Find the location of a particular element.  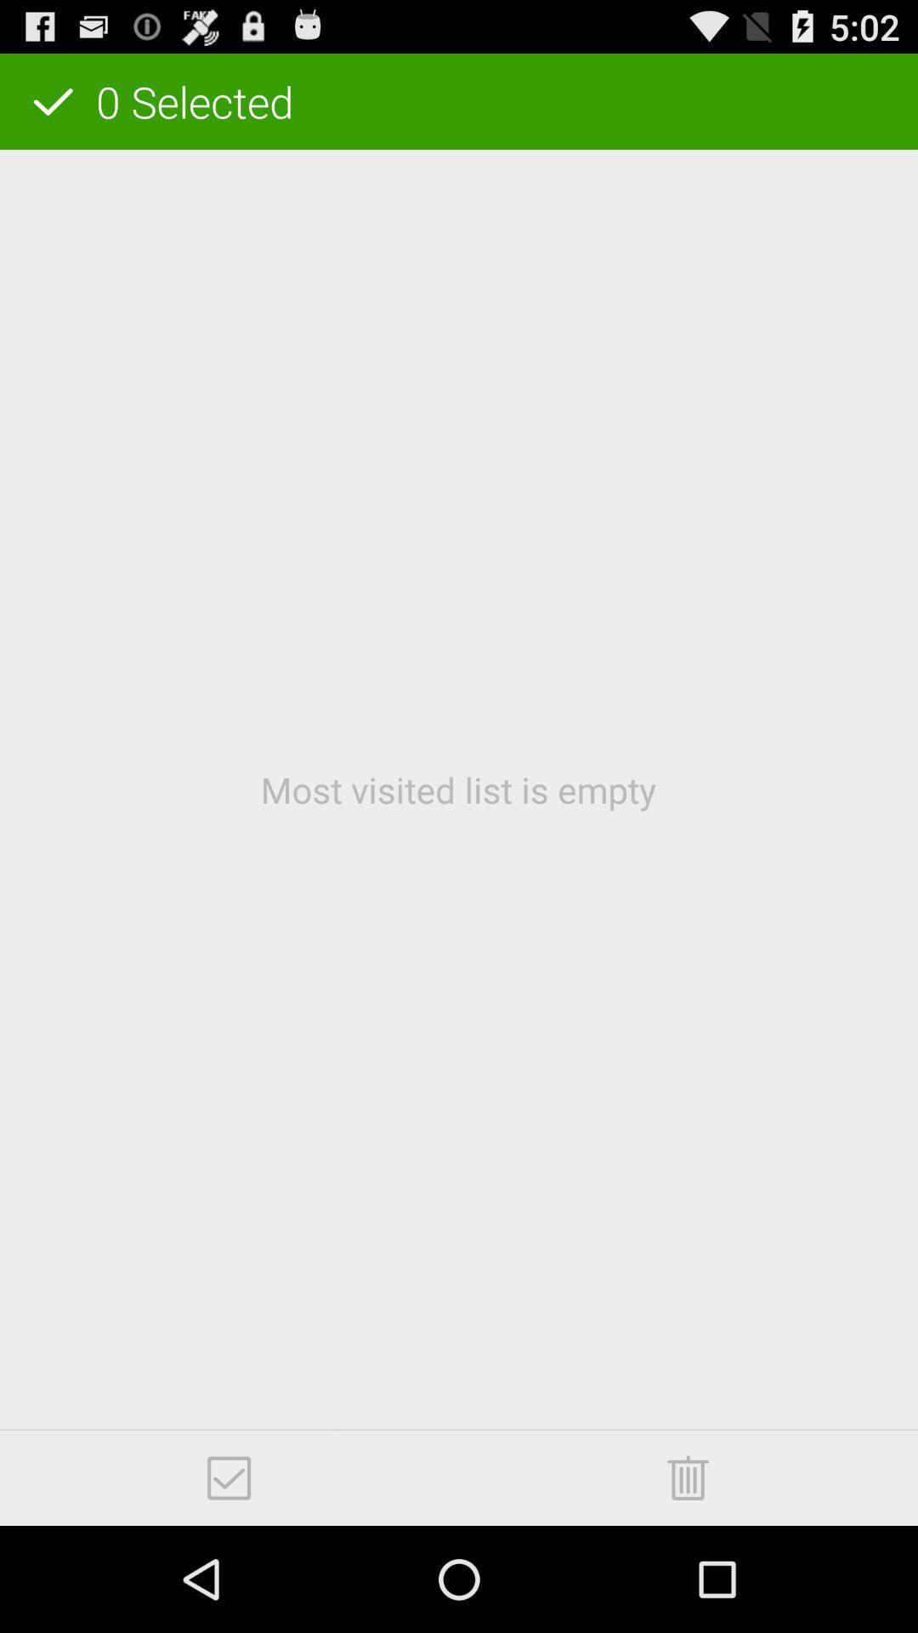

delete is located at coordinates (687, 1477).